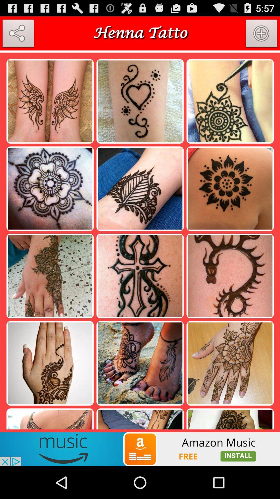 This screenshot has height=499, width=280. I want to click on amazon music, so click(140, 449).